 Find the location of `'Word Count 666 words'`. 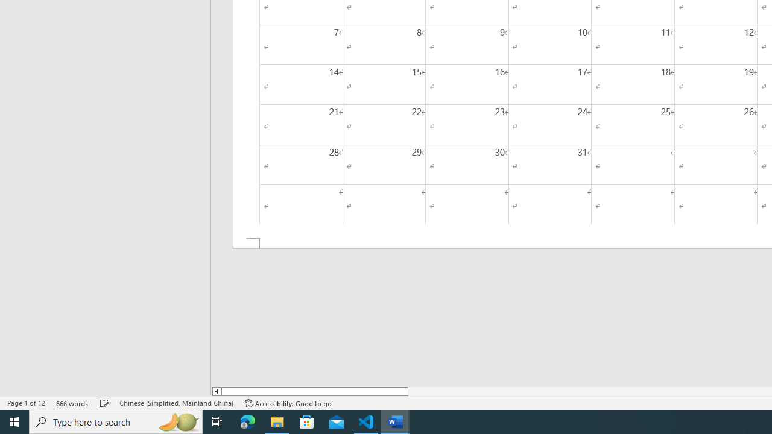

'Word Count 666 words' is located at coordinates (72, 403).